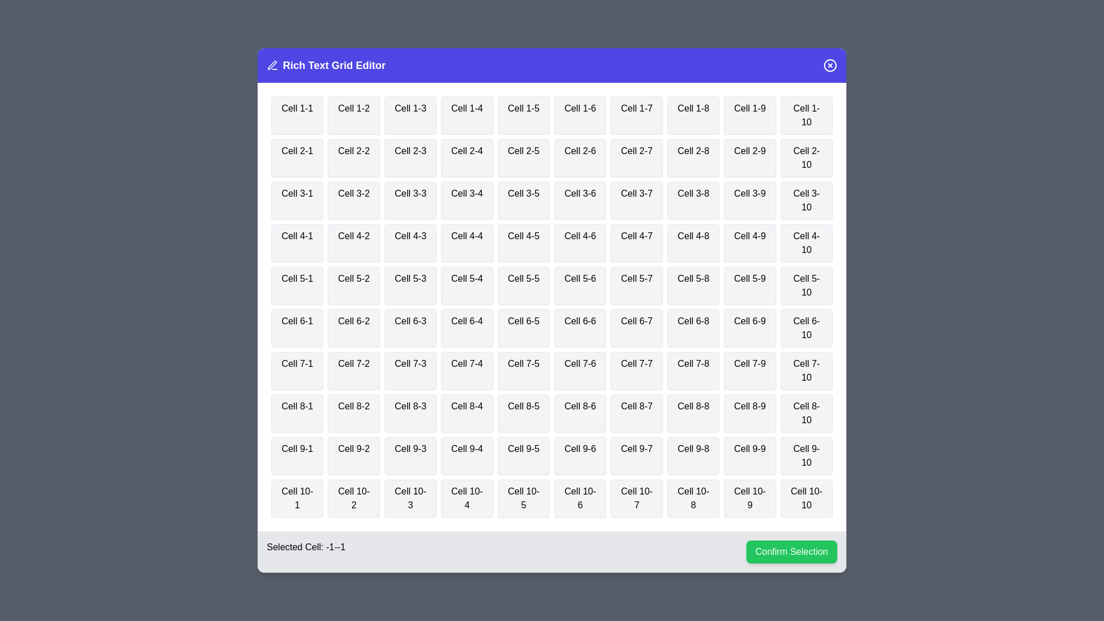 This screenshot has width=1104, height=621. I want to click on the 'Confirm Selection' button, so click(791, 551).